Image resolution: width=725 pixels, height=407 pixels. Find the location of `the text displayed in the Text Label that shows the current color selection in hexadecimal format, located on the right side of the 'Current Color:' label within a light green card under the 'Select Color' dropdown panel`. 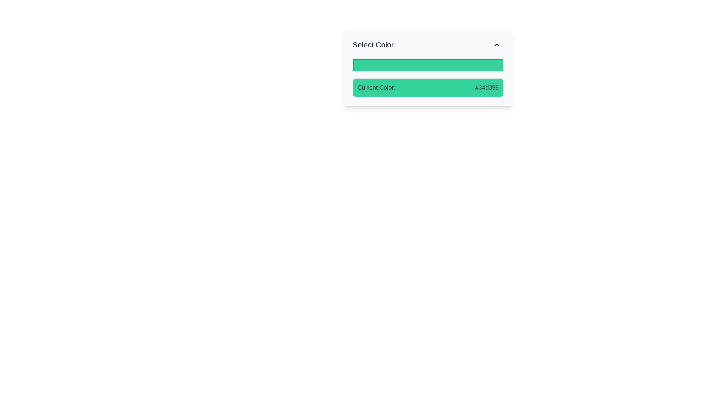

the text displayed in the Text Label that shows the current color selection in hexadecimal format, located on the right side of the 'Current Color:' label within a light green card under the 'Select Color' dropdown panel is located at coordinates (487, 87).